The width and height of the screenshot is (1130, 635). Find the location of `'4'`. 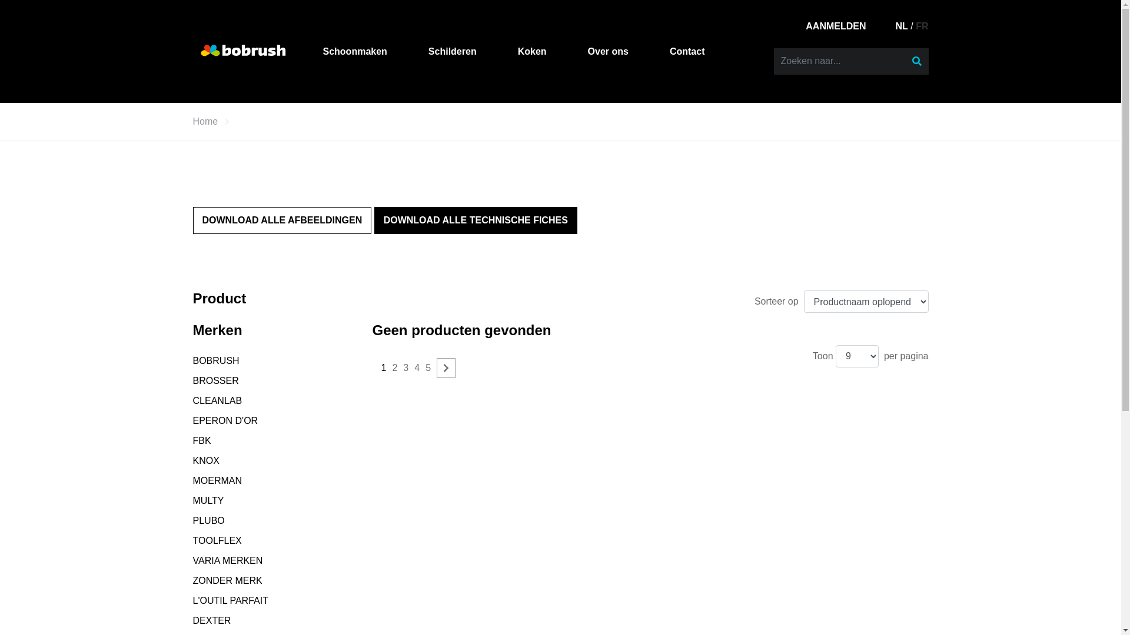

'4' is located at coordinates (417, 367).